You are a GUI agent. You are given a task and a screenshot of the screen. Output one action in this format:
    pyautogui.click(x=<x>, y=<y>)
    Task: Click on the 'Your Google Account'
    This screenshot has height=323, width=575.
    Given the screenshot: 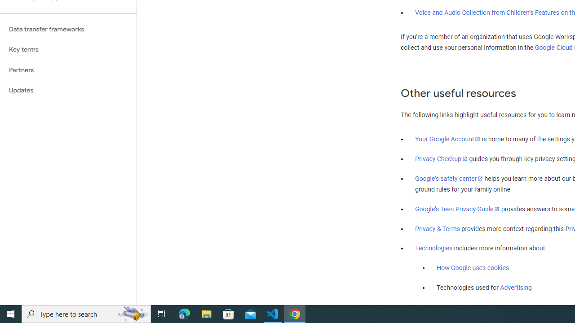 What is the action you would take?
    pyautogui.click(x=448, y=139)
    